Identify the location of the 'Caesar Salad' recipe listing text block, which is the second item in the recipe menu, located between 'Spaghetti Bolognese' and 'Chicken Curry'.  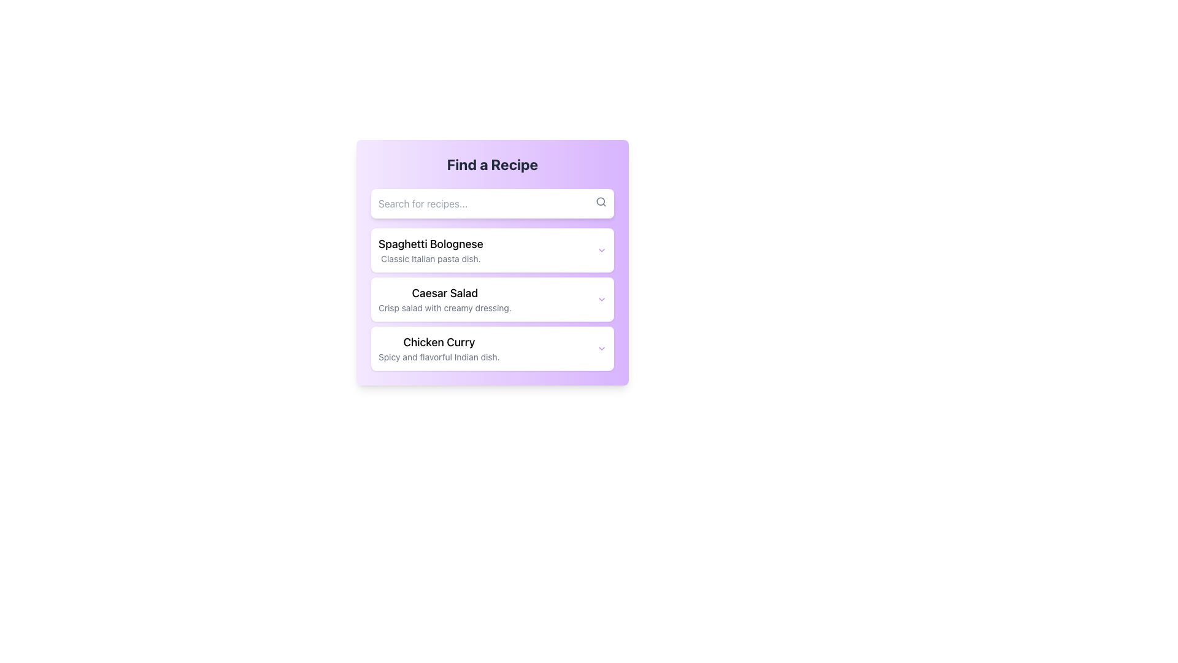
(444, 300).